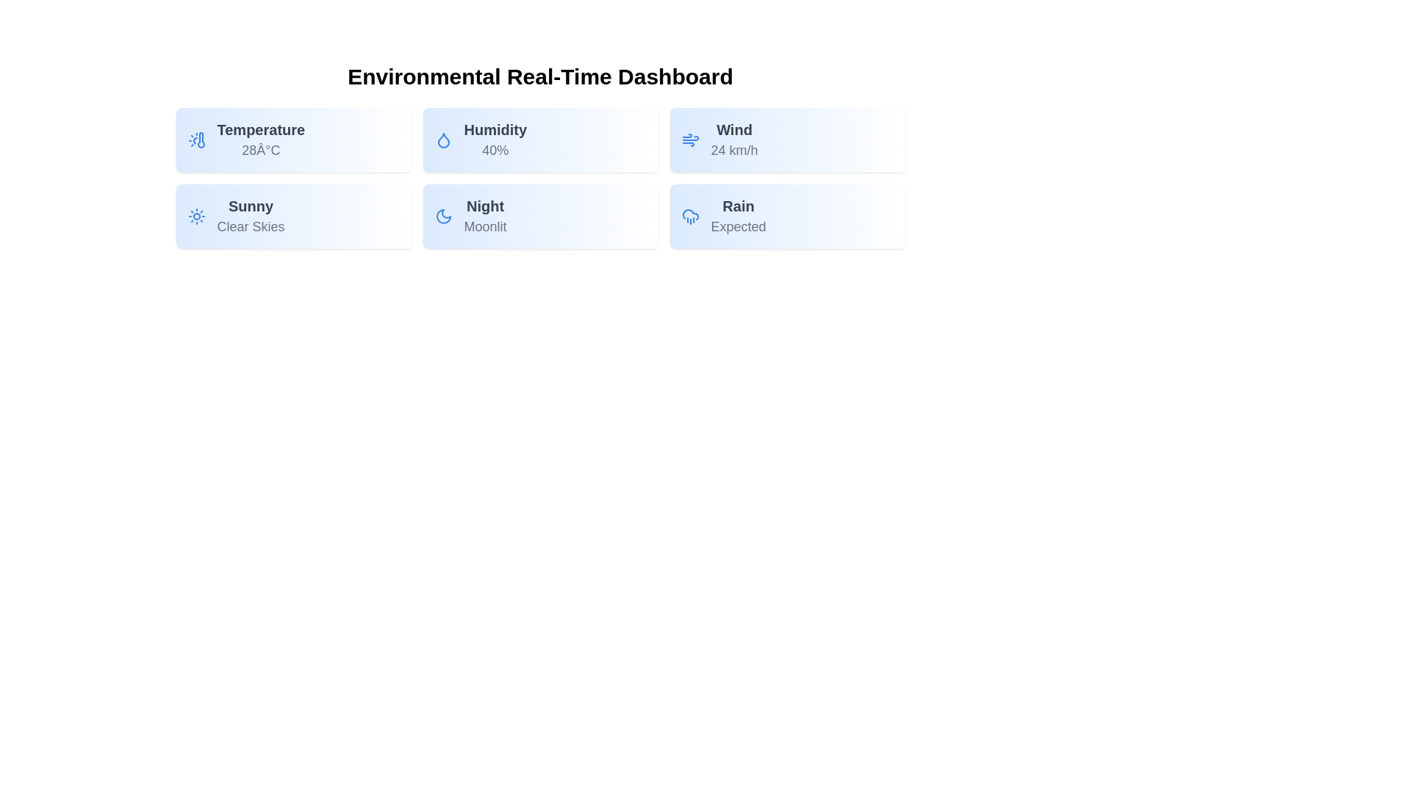  I want to click on the text label displaying 'Rain' in bold and 'Expected' in a lighter font, located in the lower-right quadrant of the weather indicators grid, so click(739, 216).